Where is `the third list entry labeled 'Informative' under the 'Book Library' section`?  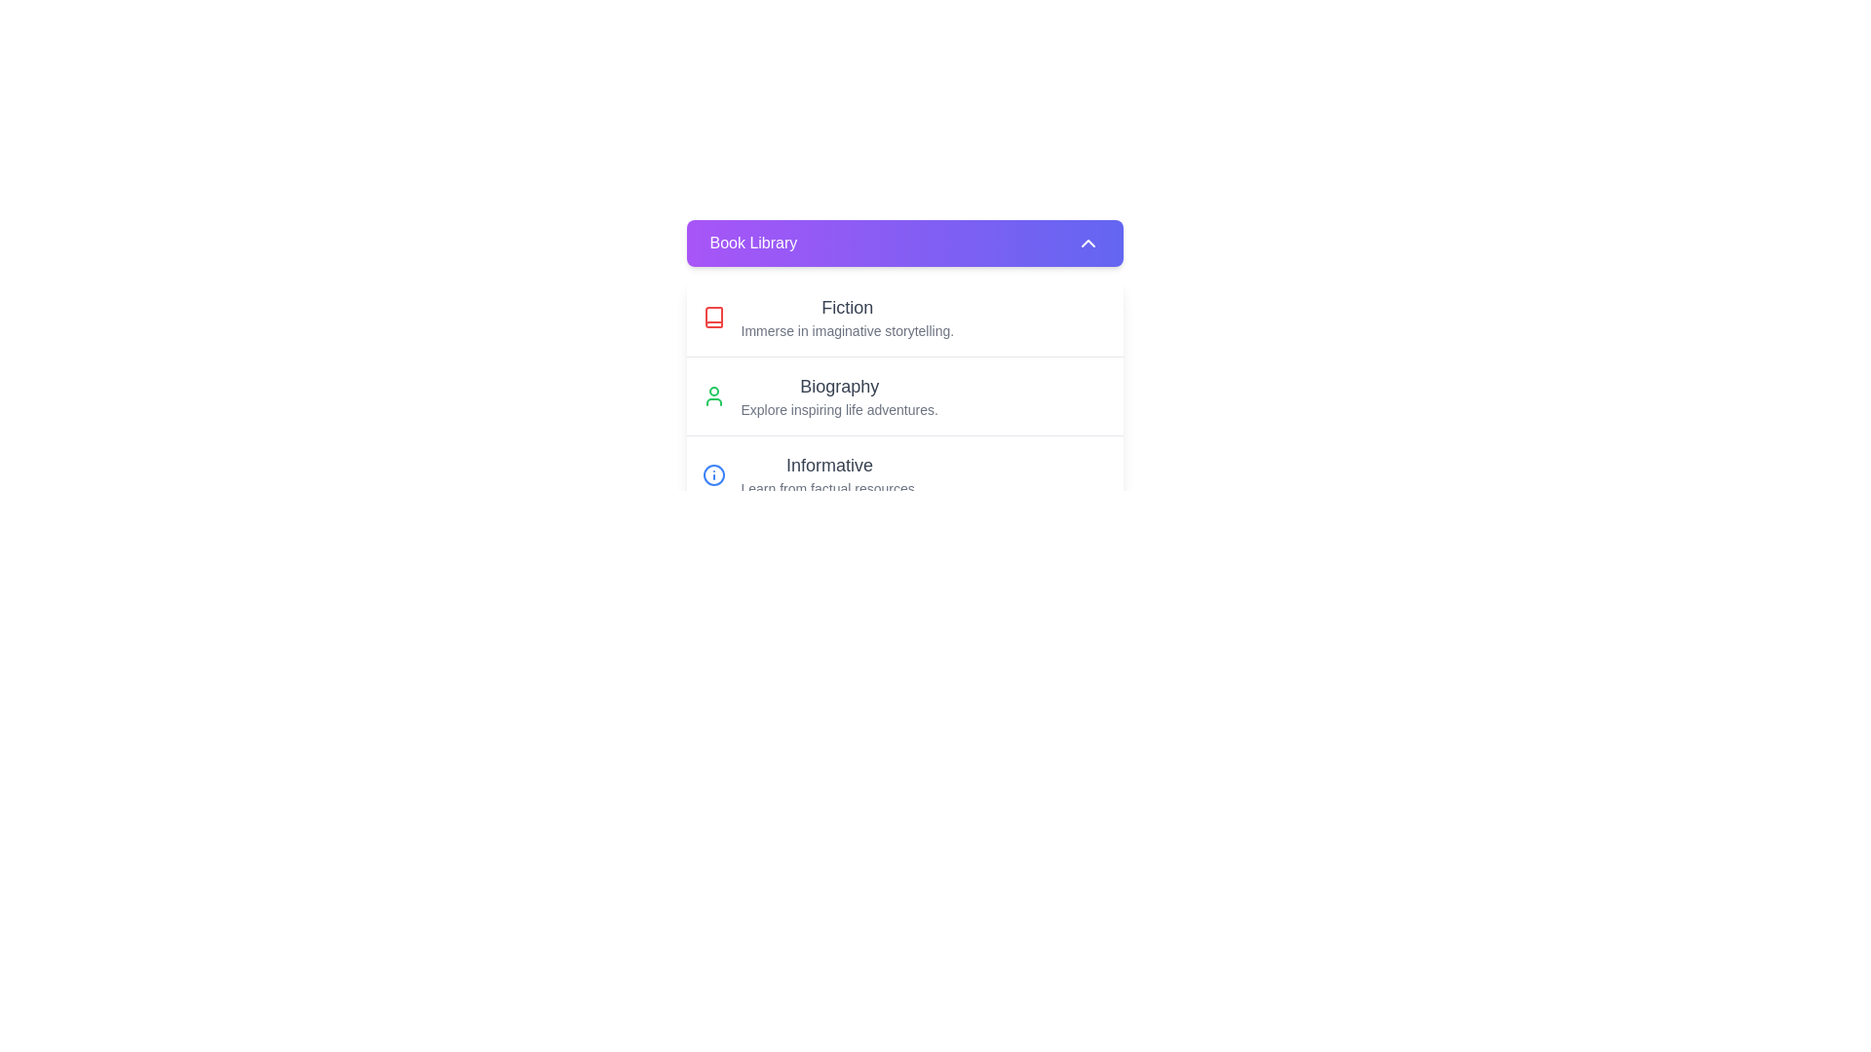
the third list entry labeled 'Informative' under the 'Book Library' section is located at coordinates (903, 474).